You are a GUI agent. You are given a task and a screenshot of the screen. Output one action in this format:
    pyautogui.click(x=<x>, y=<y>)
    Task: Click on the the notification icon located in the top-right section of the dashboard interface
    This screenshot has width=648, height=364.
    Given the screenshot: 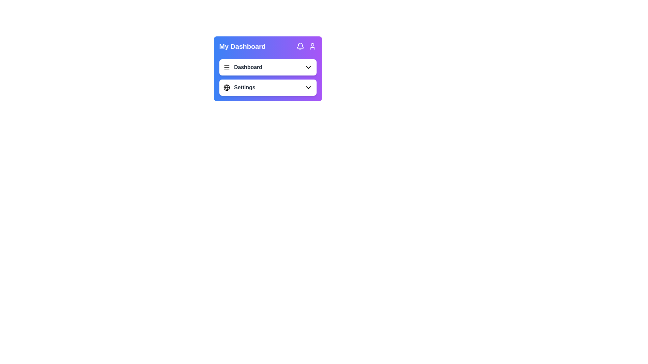 What is the action you would take?
    pyautogui.click(x=300, y=45)
    